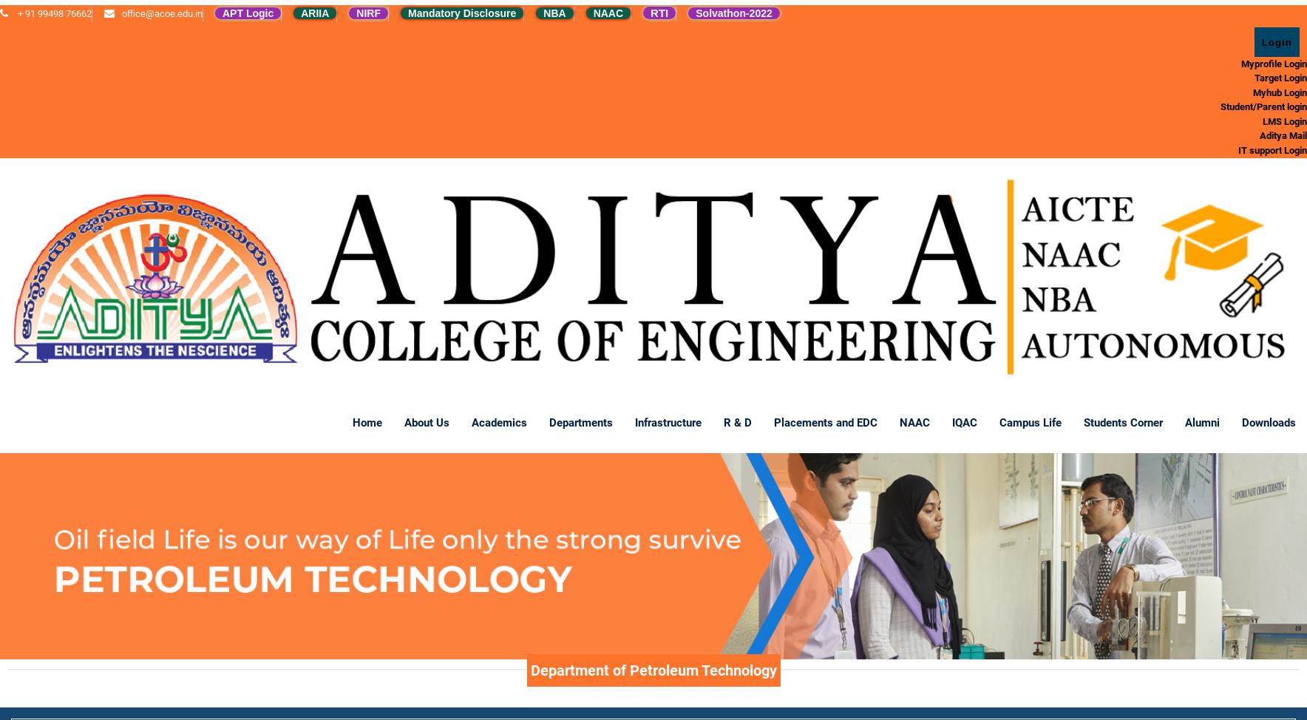 This screenshot has height=720, width=1307. What do you see at coordinates (1284, 120) in the screenshot?
I see `'LMS Login'` at bounding box center [1284, 120].